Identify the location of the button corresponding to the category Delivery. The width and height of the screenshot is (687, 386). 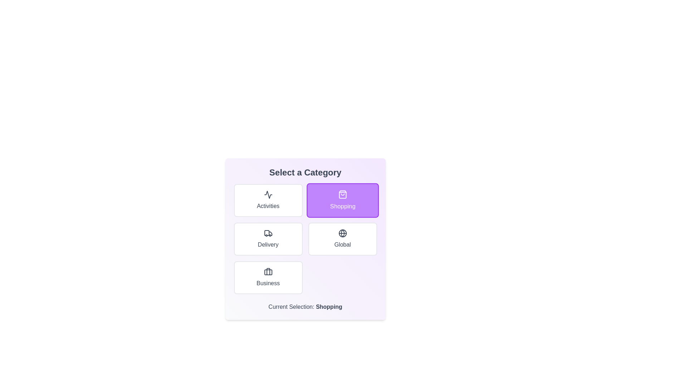
(268, 239).